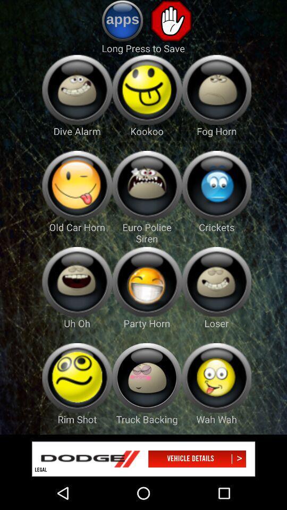  What do you see at coordinates (171, 20) in the screenshot?
I see `stop button` at bounding box center [171, 20].